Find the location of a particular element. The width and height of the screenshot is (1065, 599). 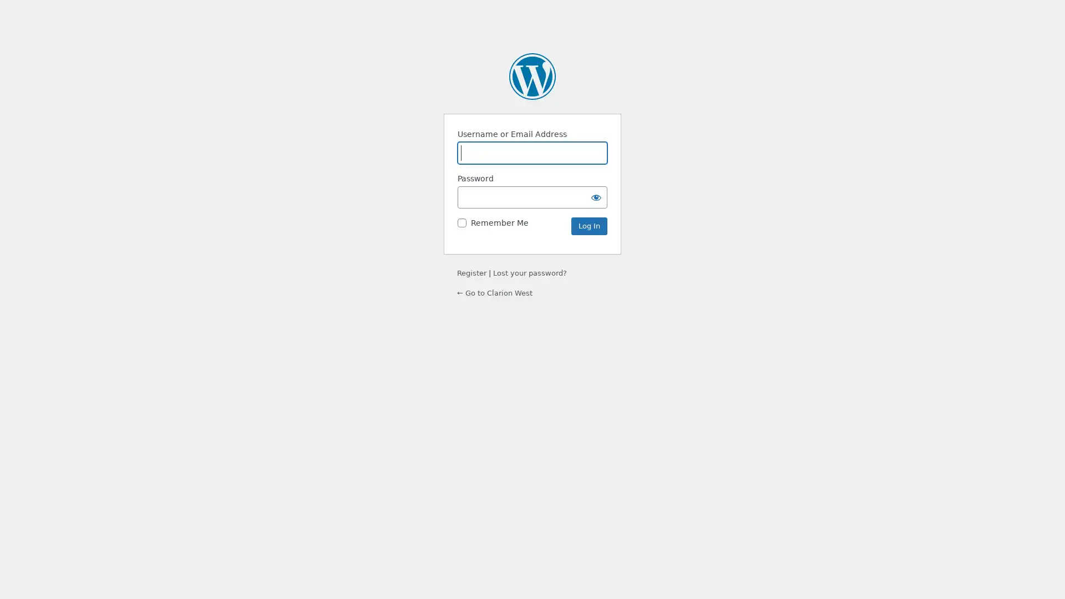

Log In is located at coordinates (589, 226).